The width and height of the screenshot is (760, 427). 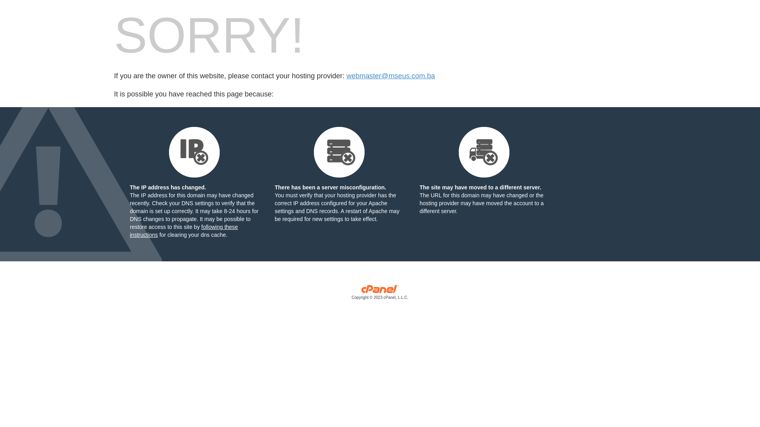 What do you see at coordinates (390, 76) in the screenshot?
I see `'webmaster@mseus.com.ba'` at bounding box center [390, 76].